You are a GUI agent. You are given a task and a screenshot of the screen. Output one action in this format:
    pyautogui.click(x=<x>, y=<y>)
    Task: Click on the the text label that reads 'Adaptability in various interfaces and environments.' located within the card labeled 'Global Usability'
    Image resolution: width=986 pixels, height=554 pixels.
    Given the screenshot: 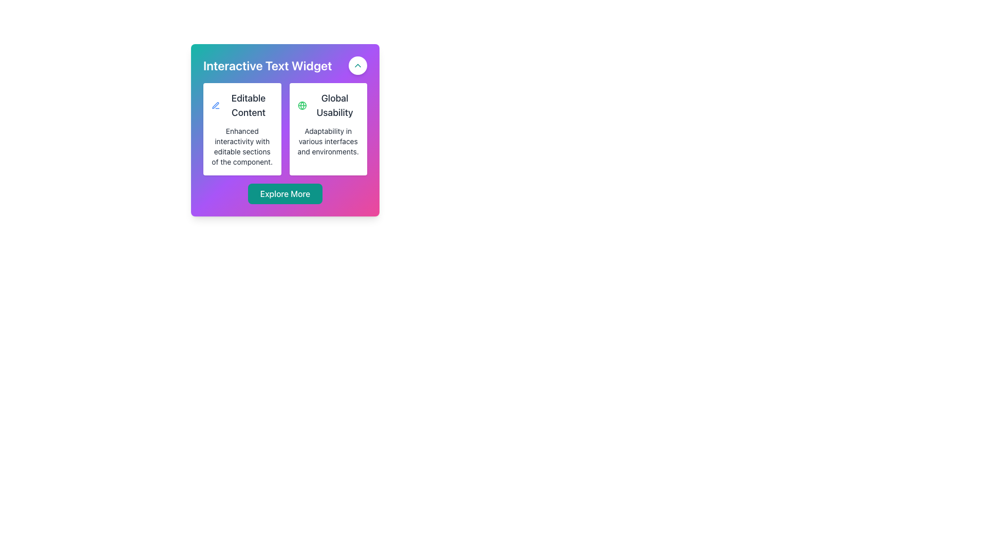 What is the action you would take?
    pyautogui.click(x=328, y=142)
    